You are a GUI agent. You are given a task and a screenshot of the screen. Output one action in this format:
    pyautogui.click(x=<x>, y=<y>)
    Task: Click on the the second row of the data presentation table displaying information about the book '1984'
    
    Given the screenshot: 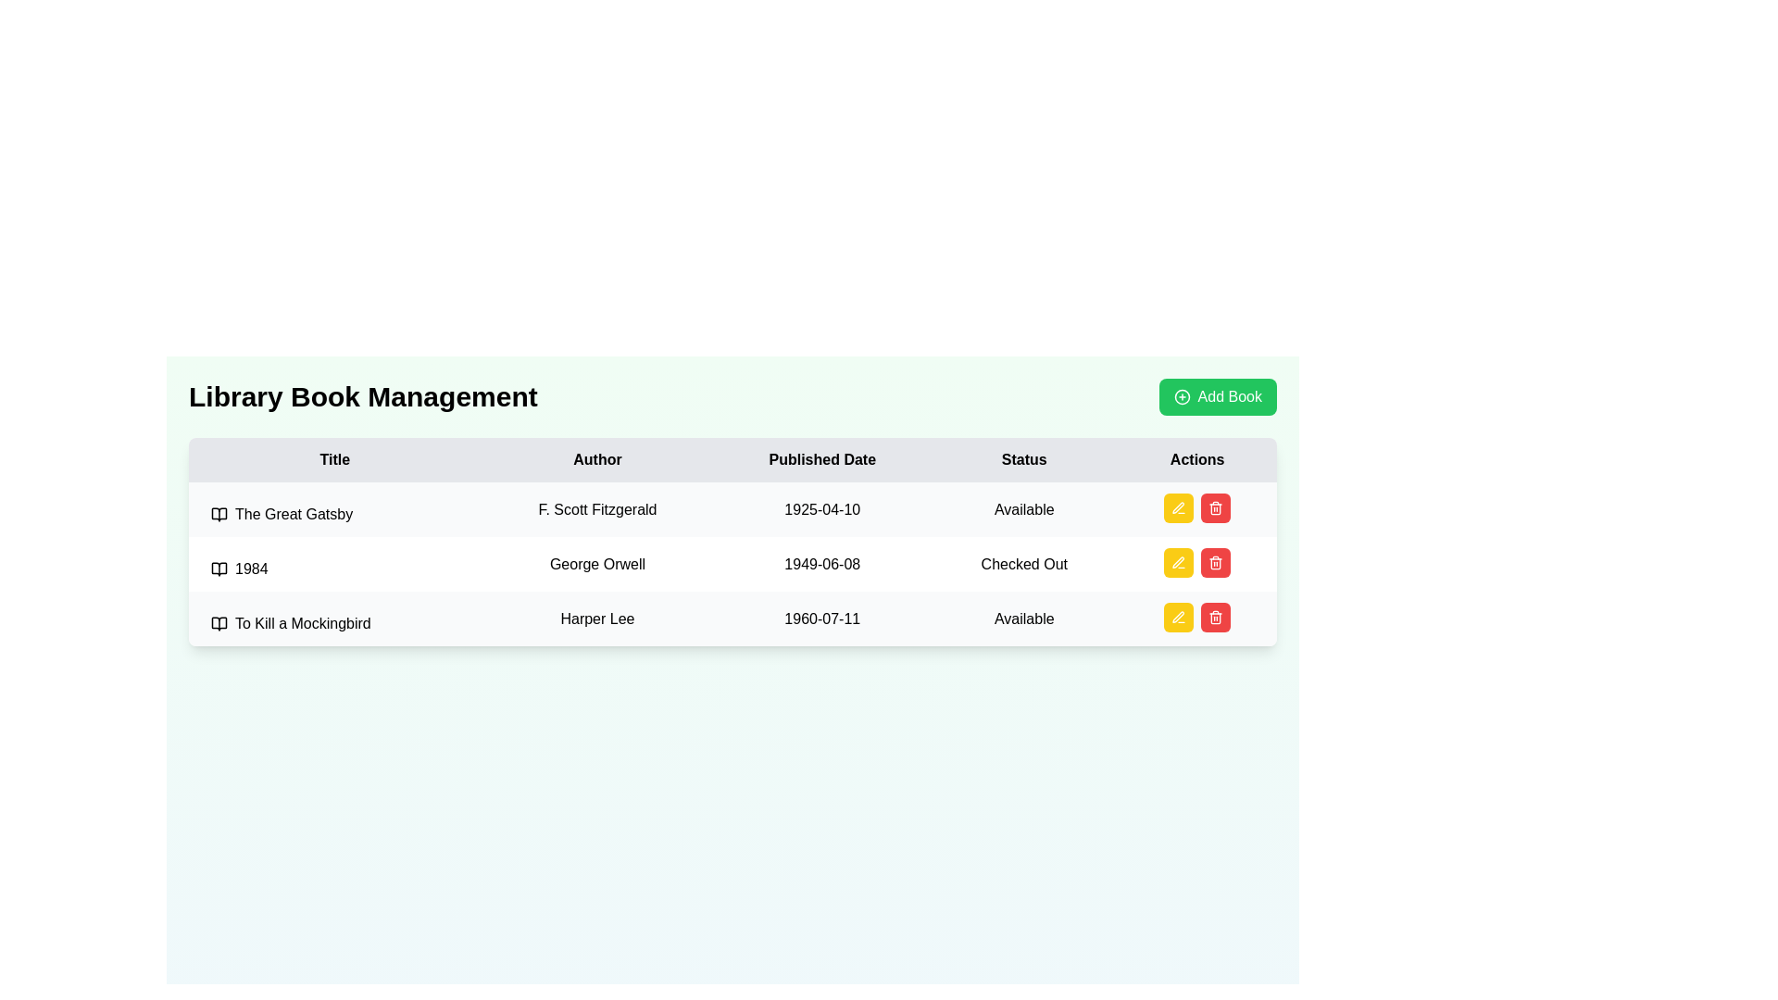 What is the action you would take?
    pyautogui.click(x=732, y=563)
    